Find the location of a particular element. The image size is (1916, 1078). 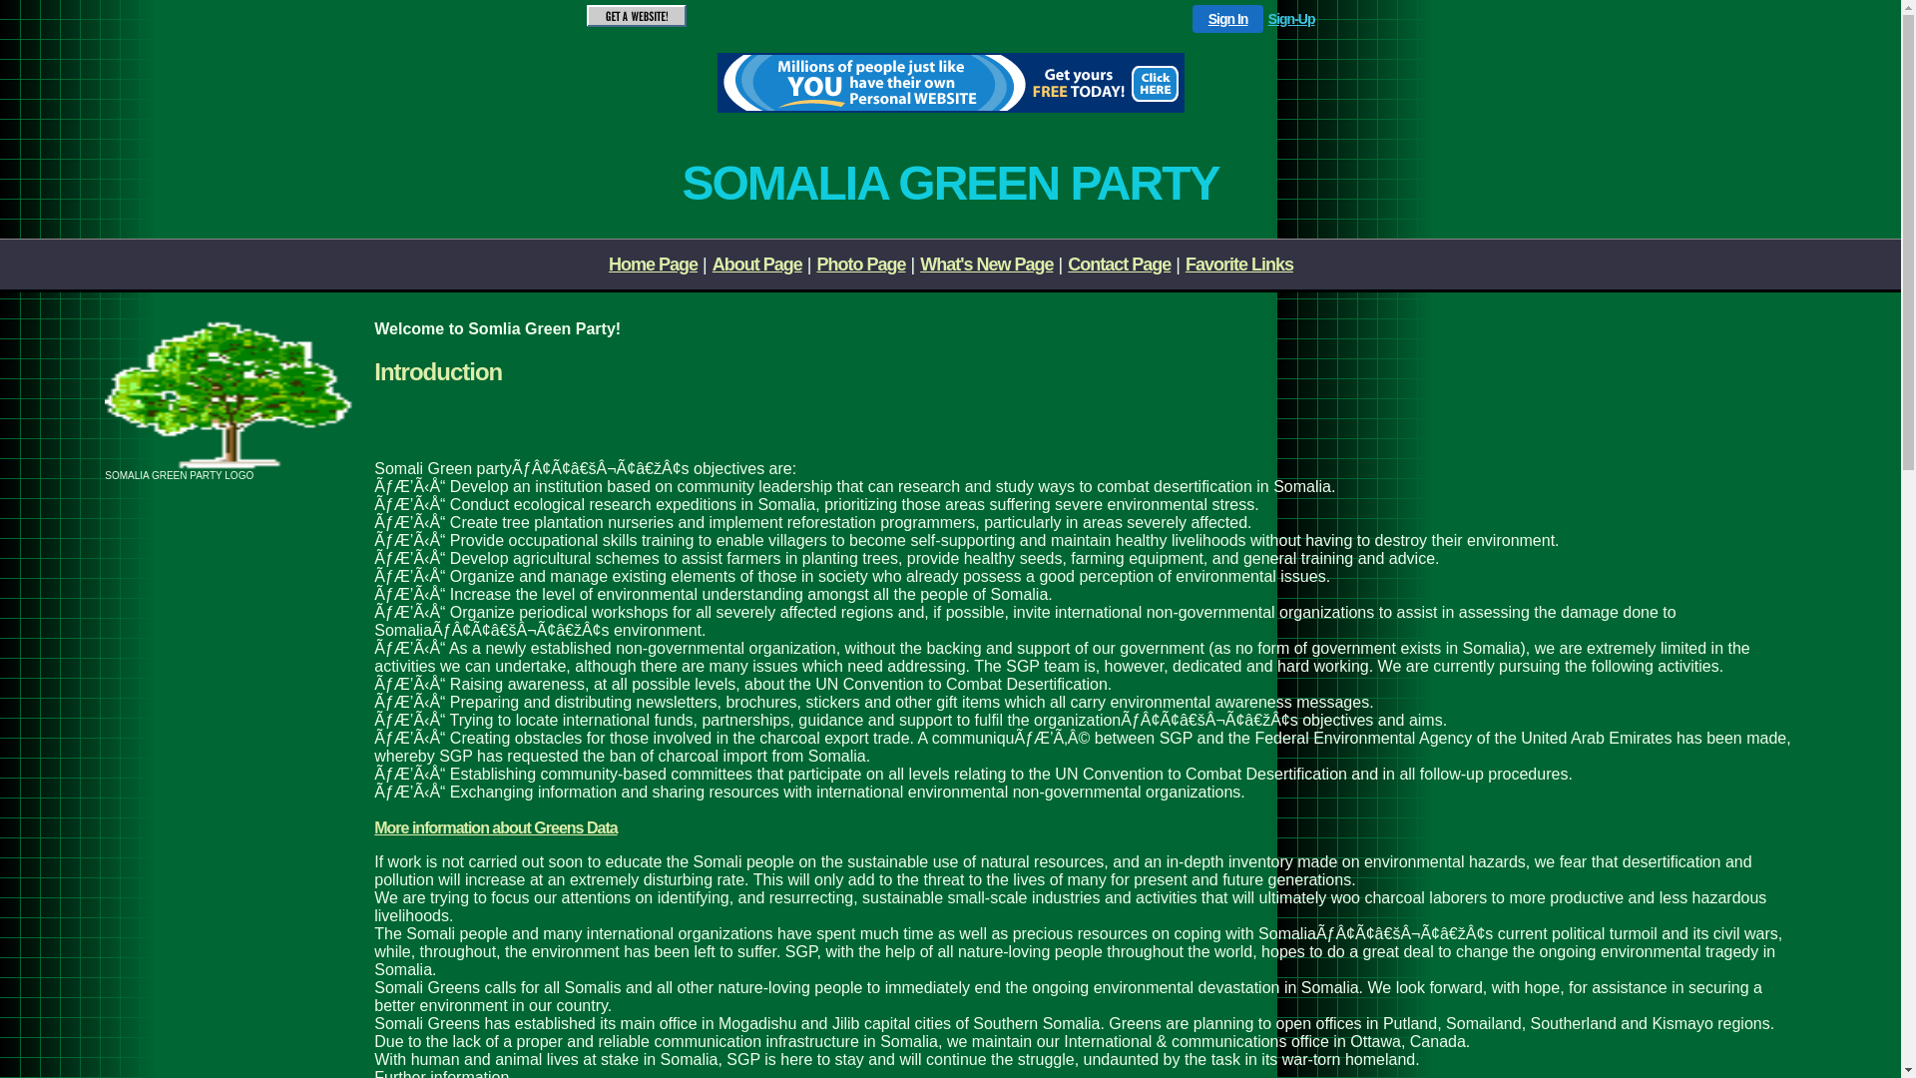

'More information about Greens Data' is located at coordinates (373, 827).